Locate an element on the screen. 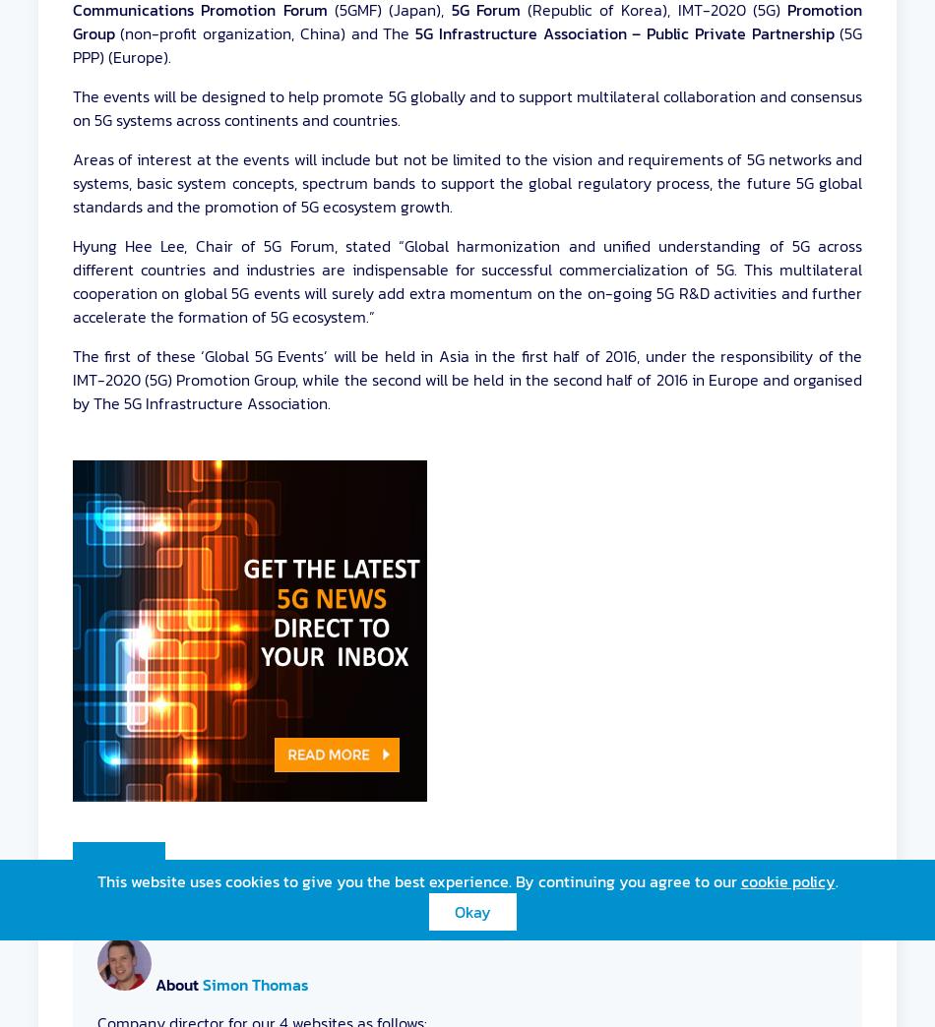  '.' is located at coordinates (835, 880).